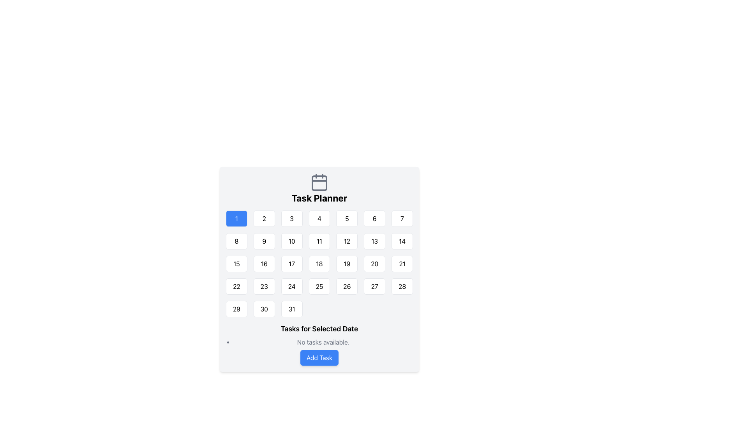  What do you see at coordinates (264, 264) in the screenshot?
I see `the calendar button representing the 16th day` at bounding box center [264, 264].